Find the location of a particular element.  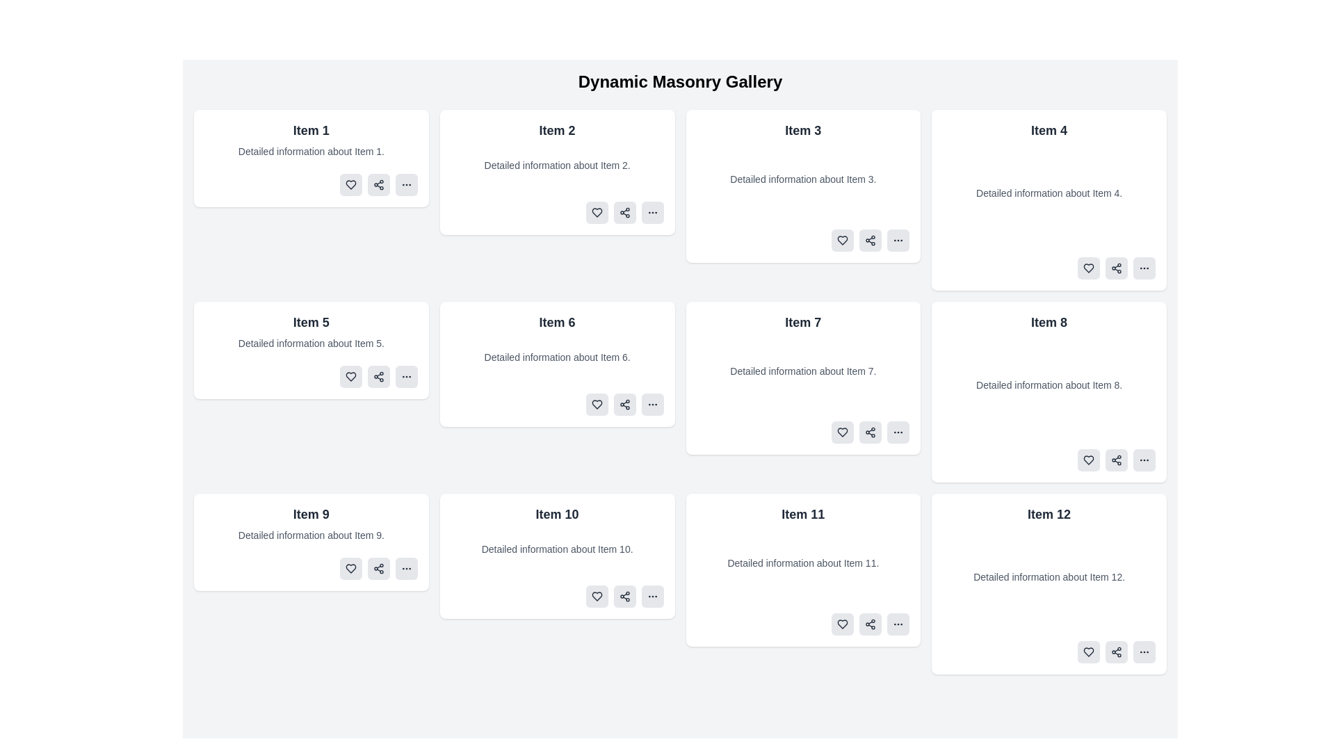

the heart icon at the bottom left of the card labeled 'Item 6', which is styled as a line drawing with a smooth, rounded outline, located in the second row and second column of the grid layout is located at coordinates (597, 405).